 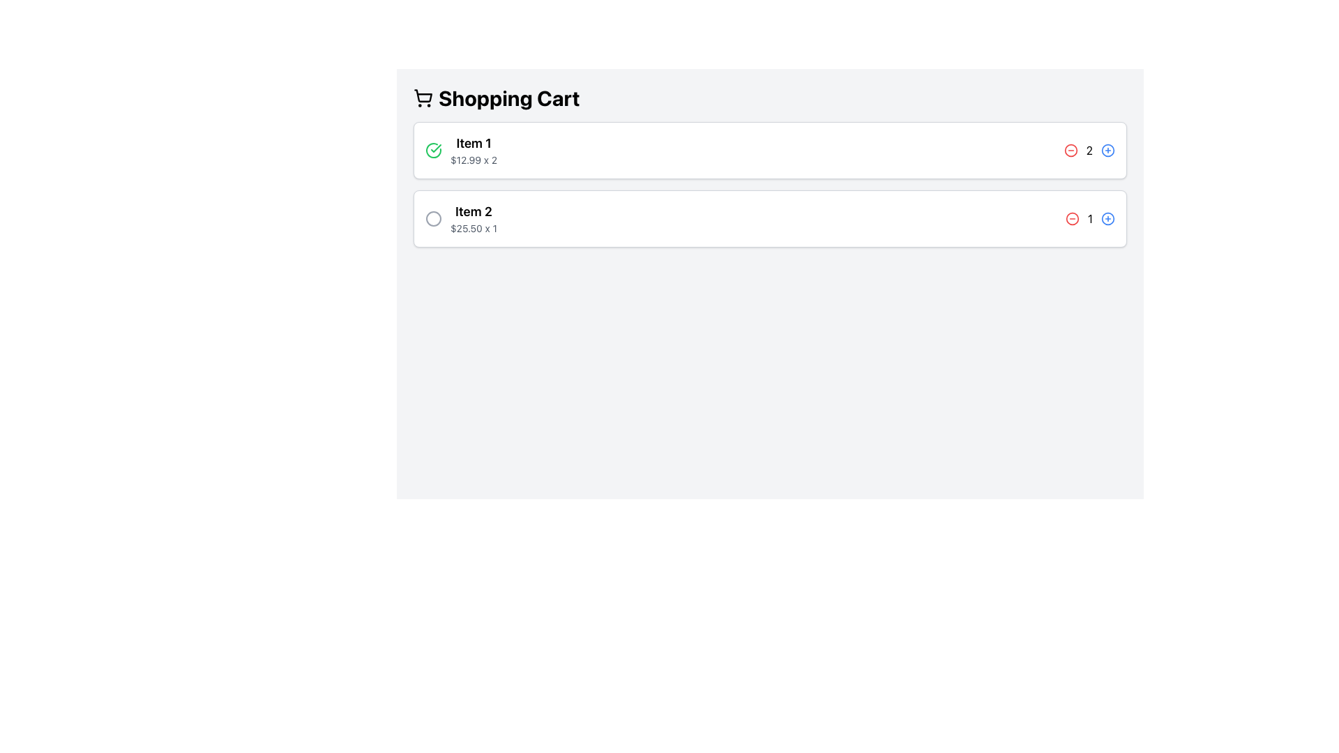 I want to click on the second item in the shopping cart interface that displays 'Item 2' in bold above '$25.50 x 1', aligned to the right of a circular gray icon, so click(x=461, y=218).